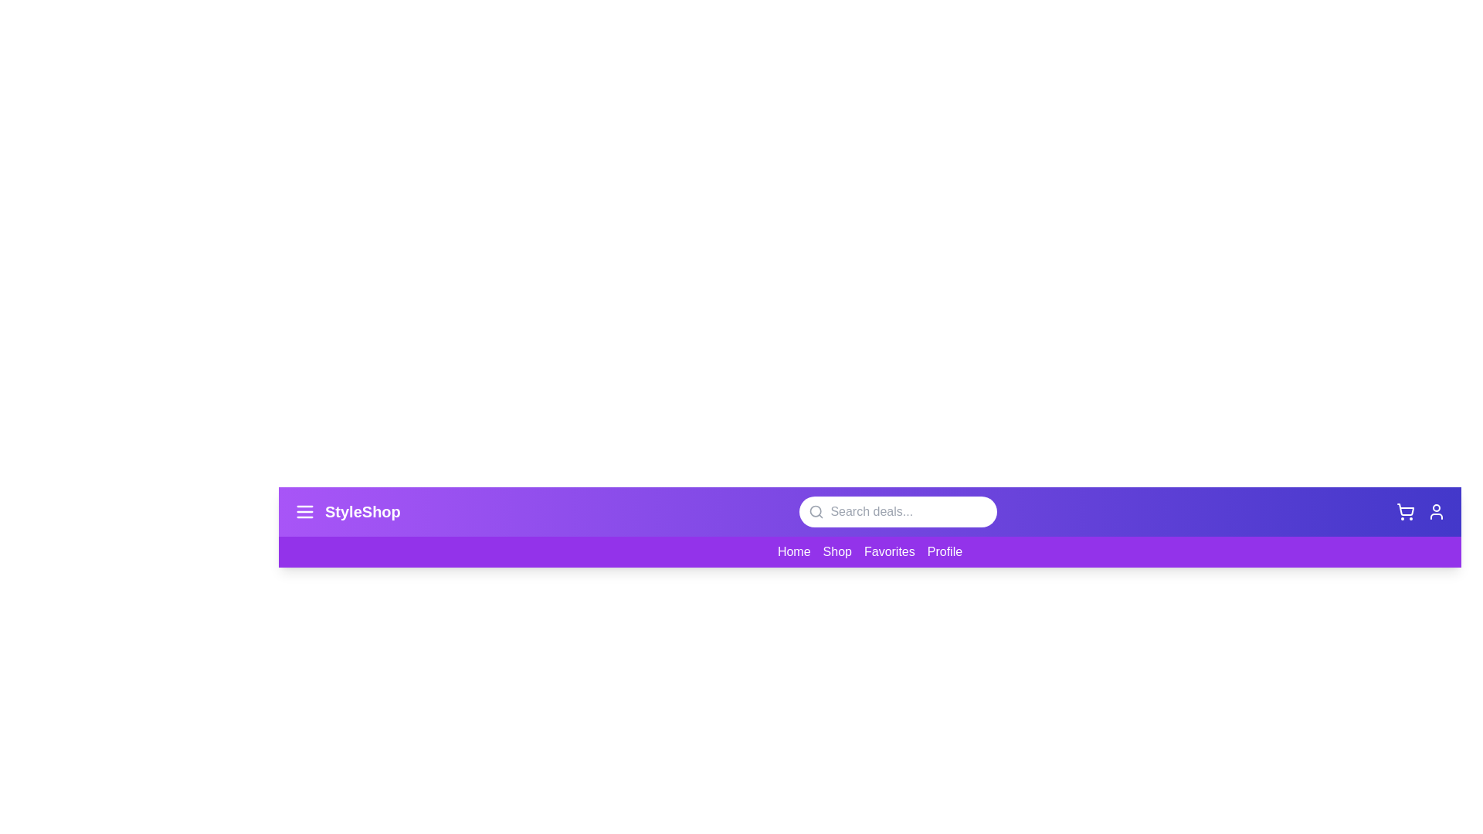 The width and height of the screenshot is (1483, 834). What do you see at coordinates (944, 550) in the screenshot?
I see `the 'Profile' link to navigate to the profile page` at bounding box center [944, 550].